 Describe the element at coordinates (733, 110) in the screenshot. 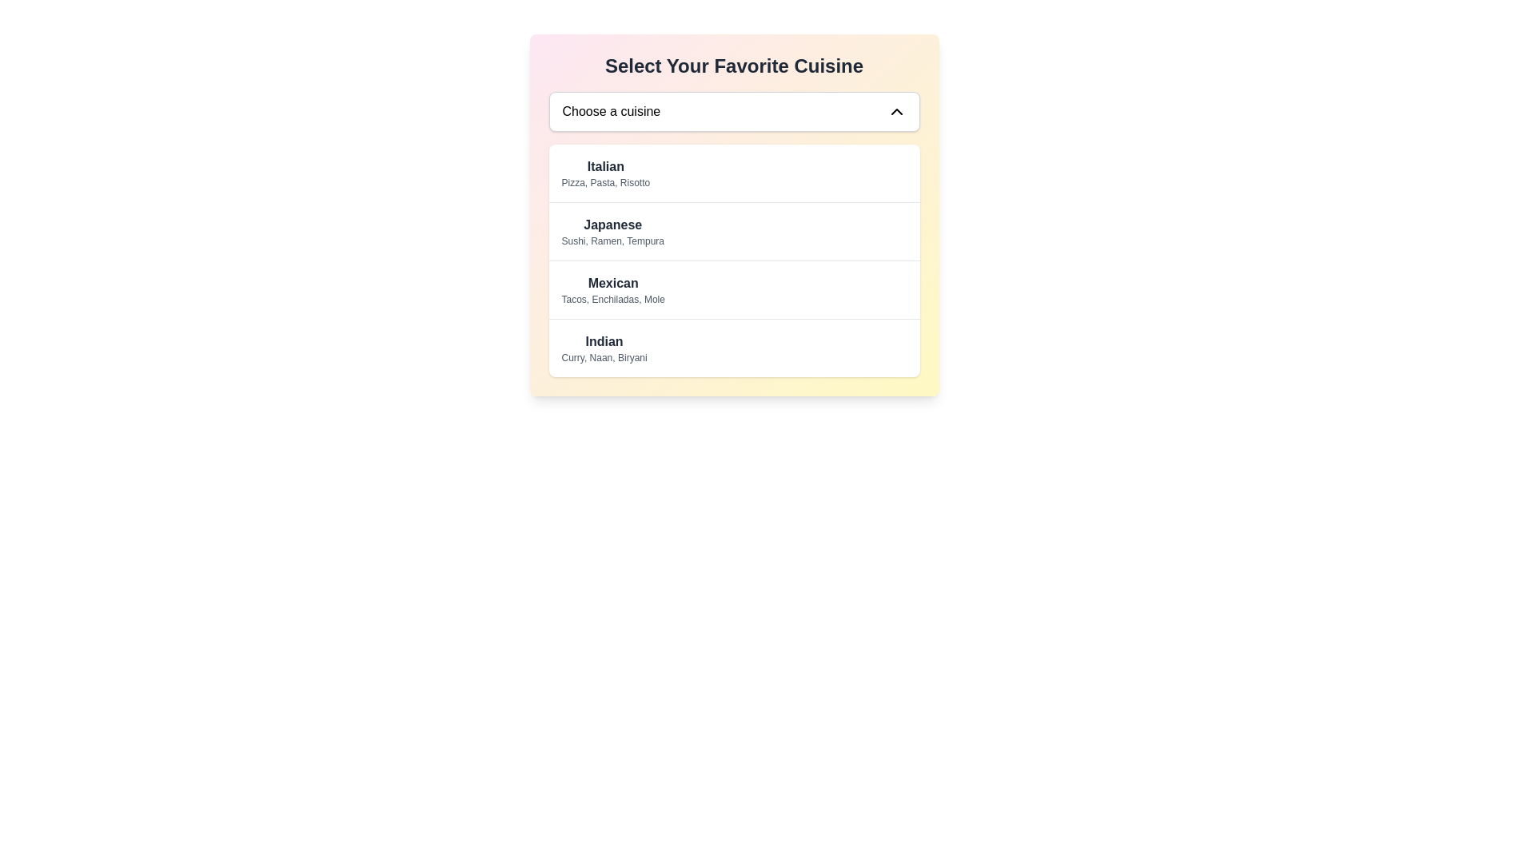

I see `the dropdown menu trigger located beneath the title 'Select Your Favorite Cuisine'` at that location.